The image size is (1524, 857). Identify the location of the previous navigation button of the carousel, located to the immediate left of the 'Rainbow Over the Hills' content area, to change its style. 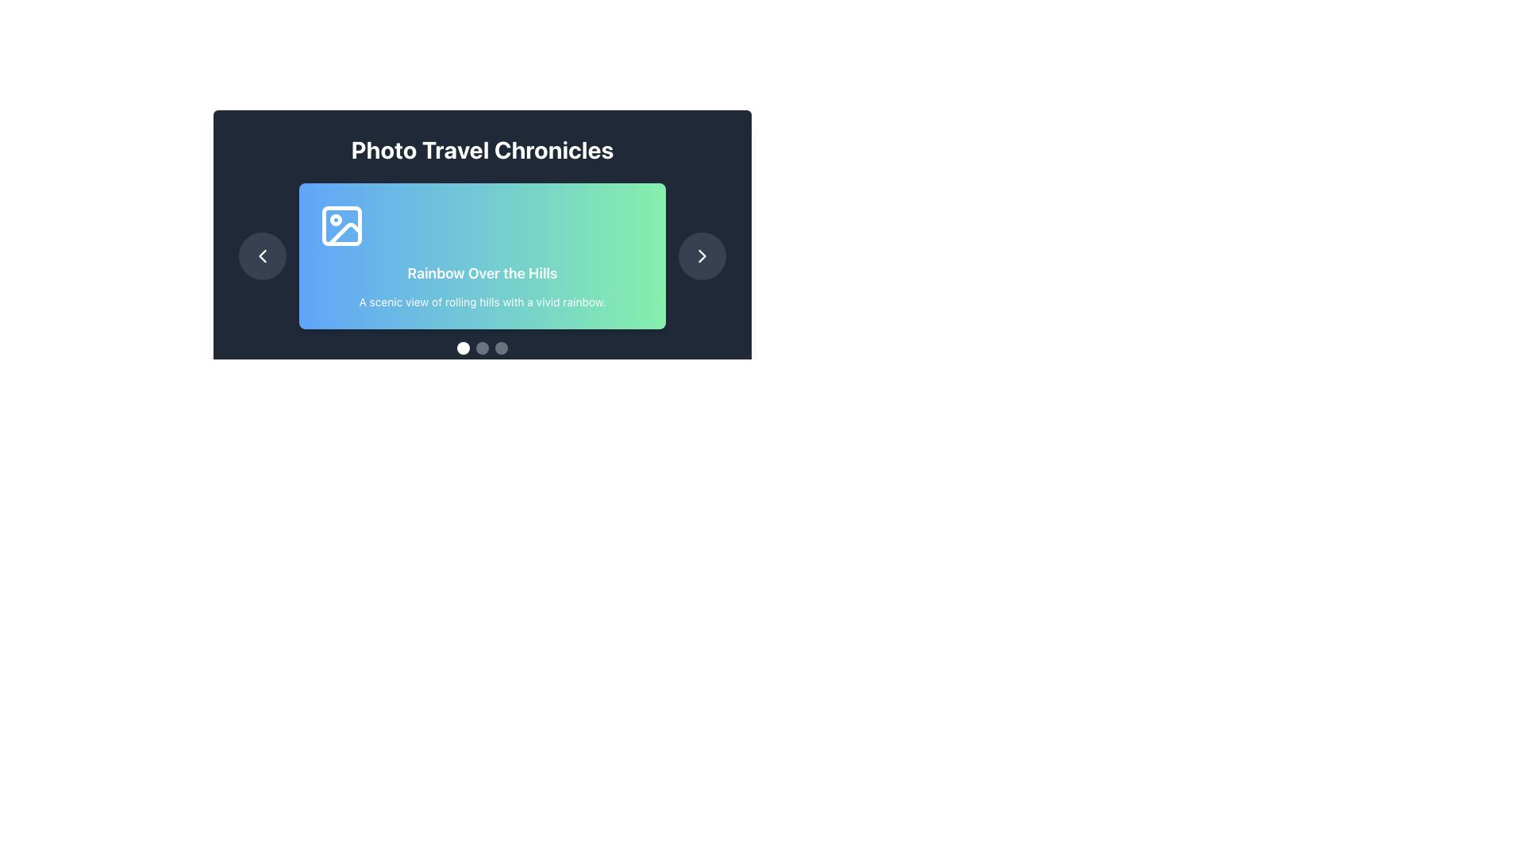
(263, 256).